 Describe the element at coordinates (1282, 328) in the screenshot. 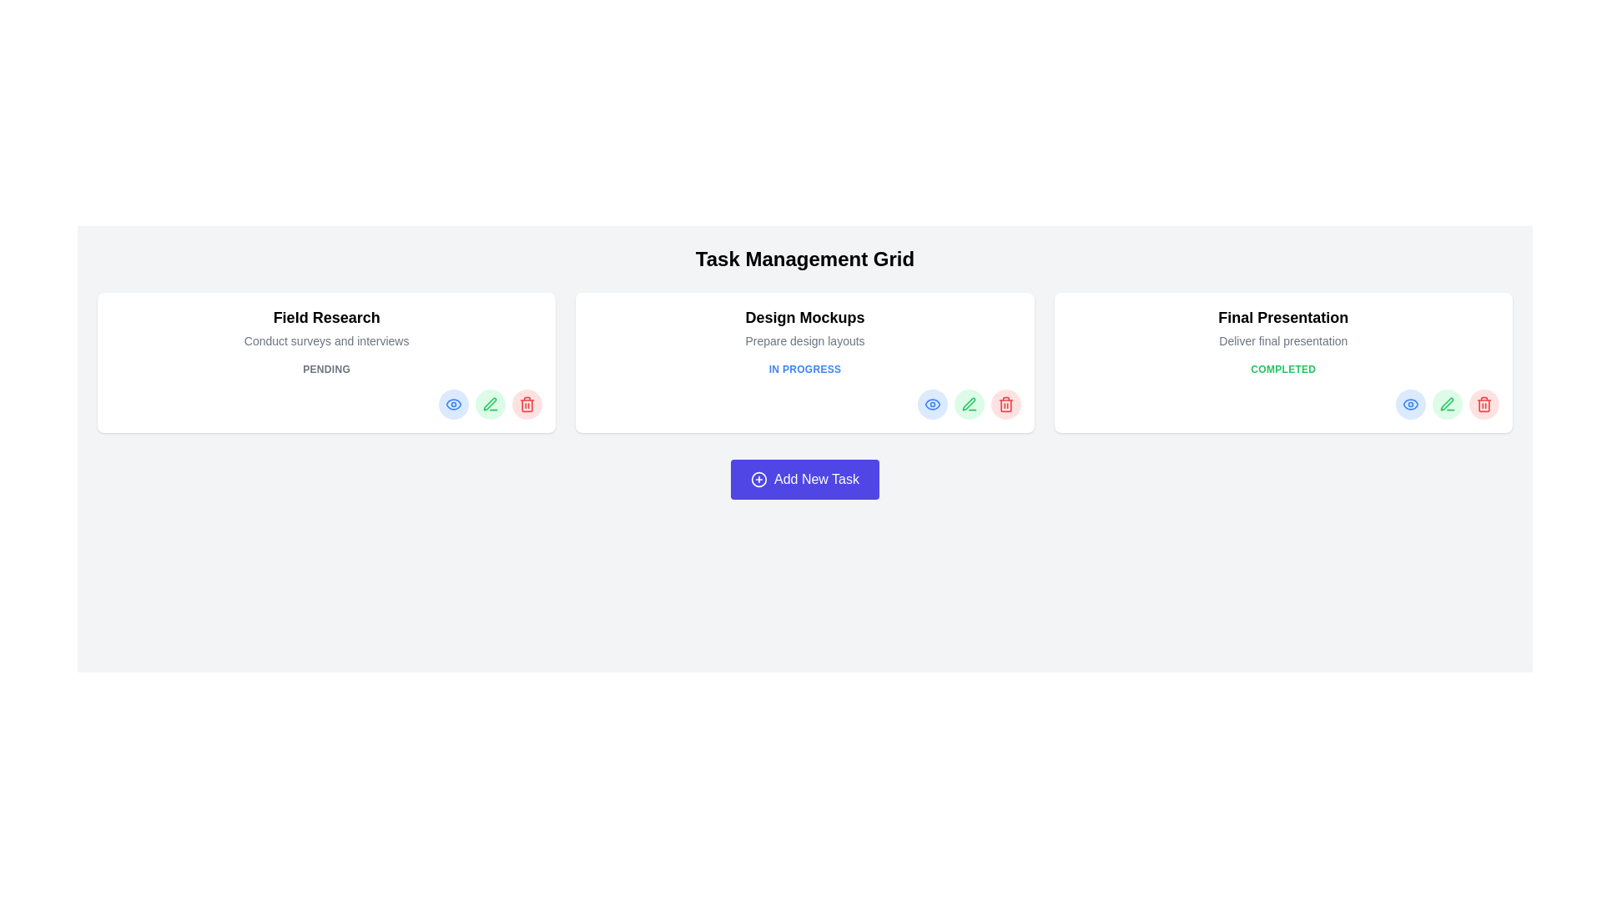

I see `the 'Final Presentation' text display, which is located in the third card from the left in the task management grid layout, featuring the label 'Final Presentation' in bold and larger font above a 'COMPLETED' label` at that location.